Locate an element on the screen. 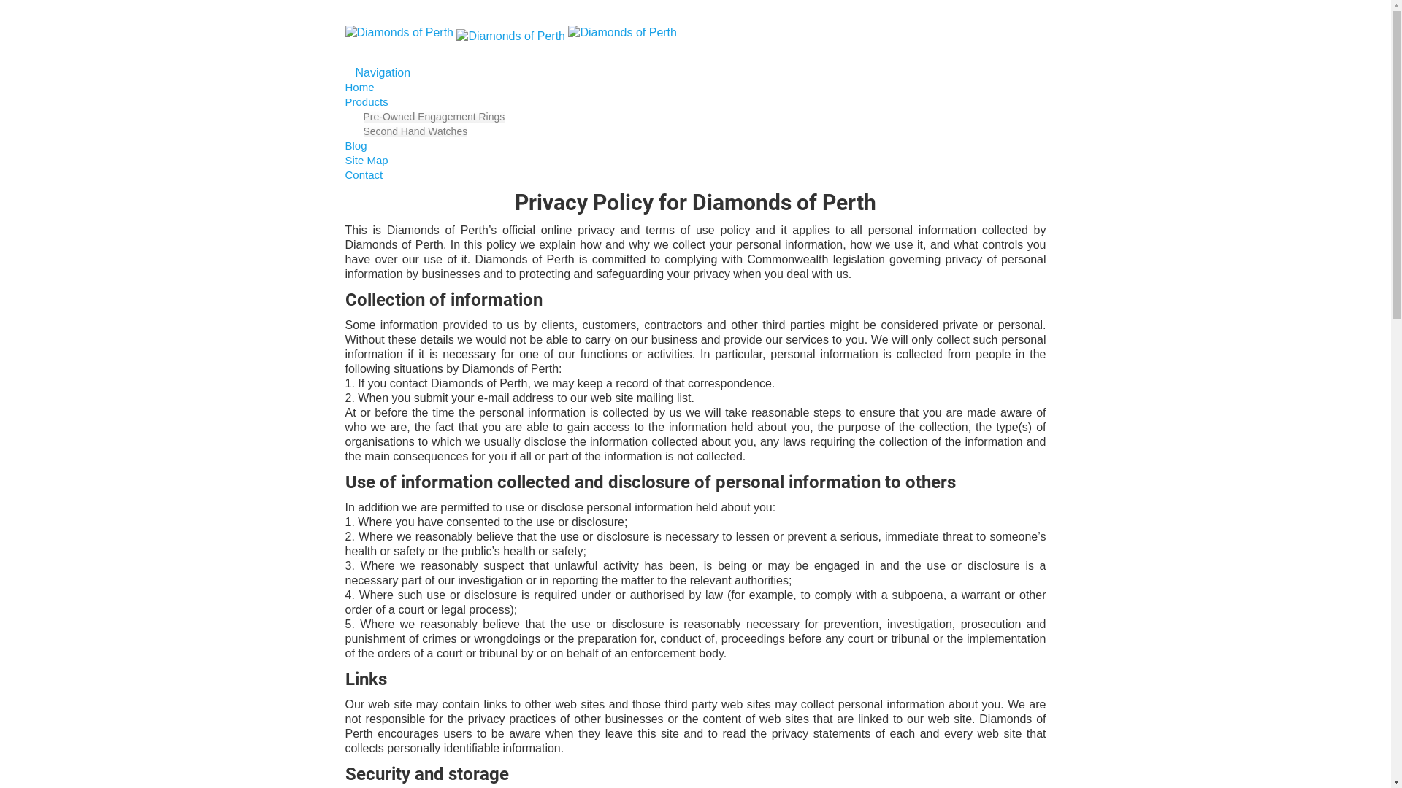 The height and width of the screenshot is (788, 1402). 'Navigation' is located at coordinates (378, 72).